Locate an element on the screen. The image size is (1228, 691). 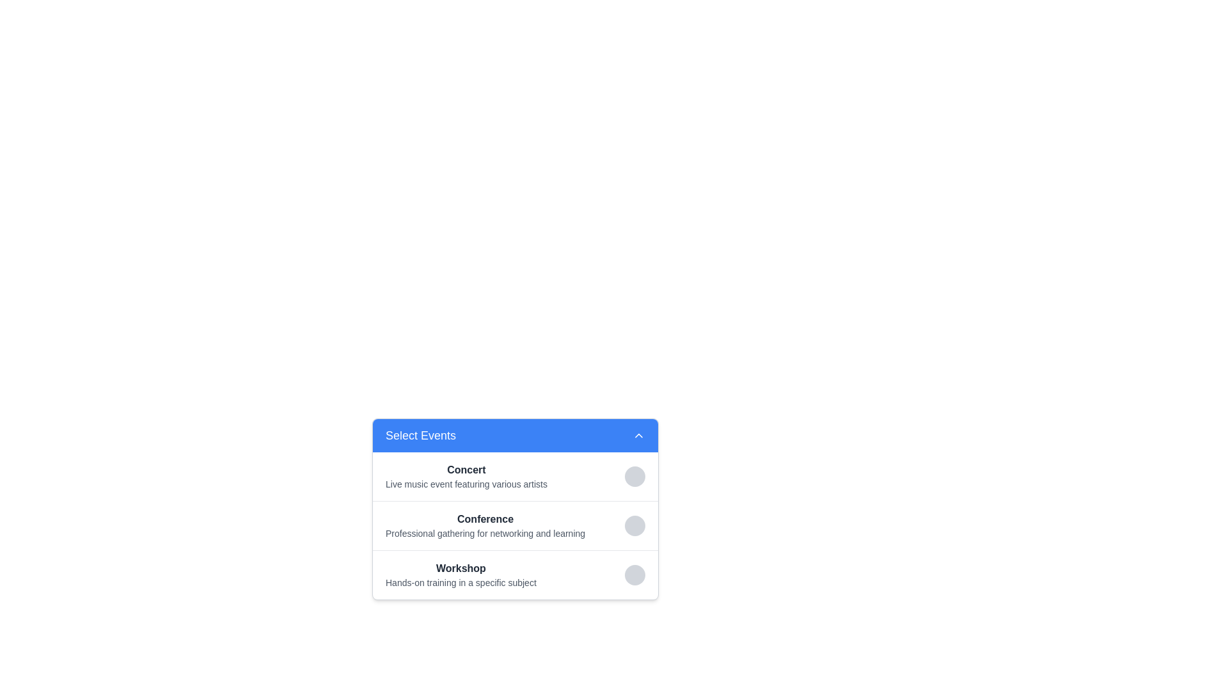
the bold-text heading labeled 'Concert' located centrally within the first option segment of the dropdown menu is located at coordinates (466, 470).